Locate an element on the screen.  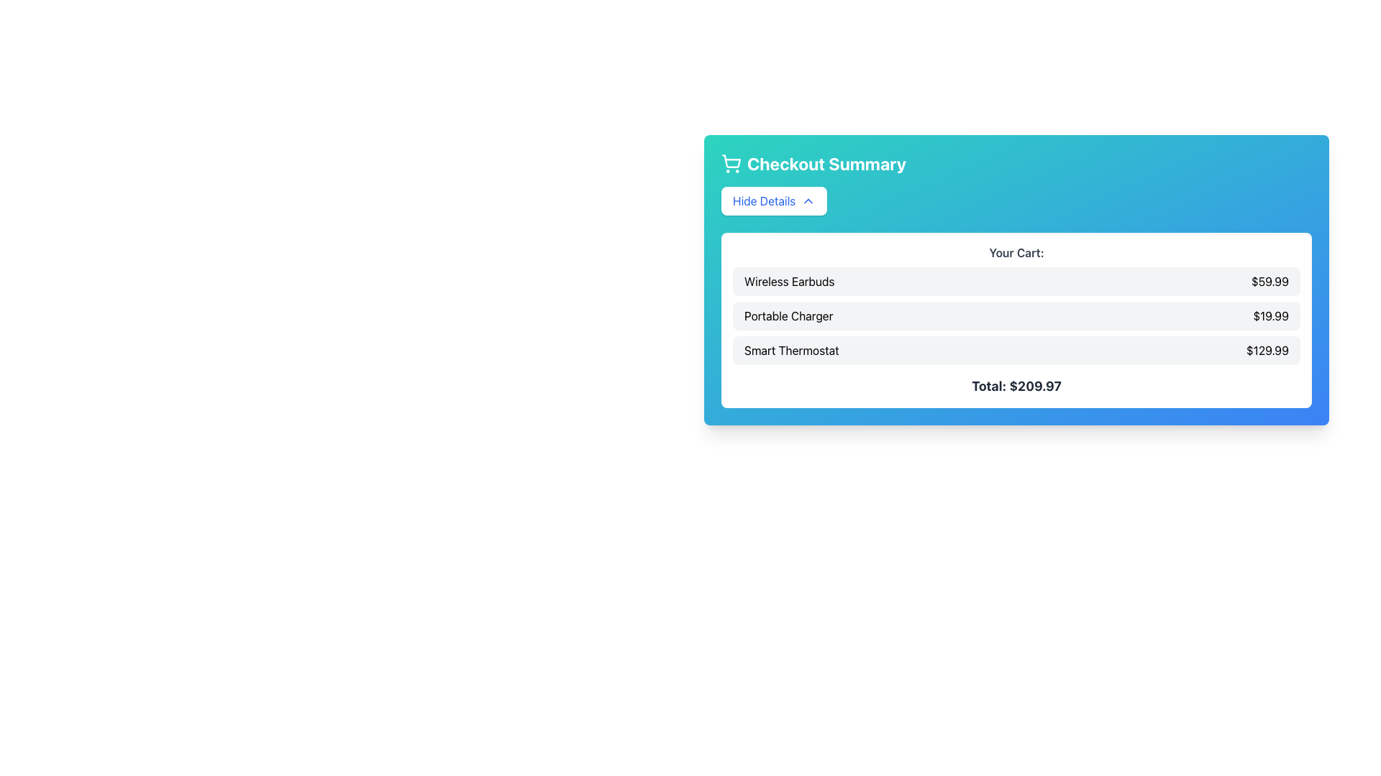
the 'Smart Thermostat' list item is located at coordinates (1016, 351).